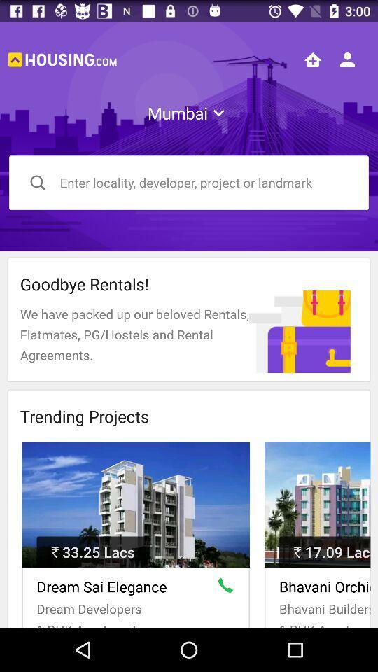 The image size is (378, 672). I want to click on item below mumbai icon, so click(189, 182).